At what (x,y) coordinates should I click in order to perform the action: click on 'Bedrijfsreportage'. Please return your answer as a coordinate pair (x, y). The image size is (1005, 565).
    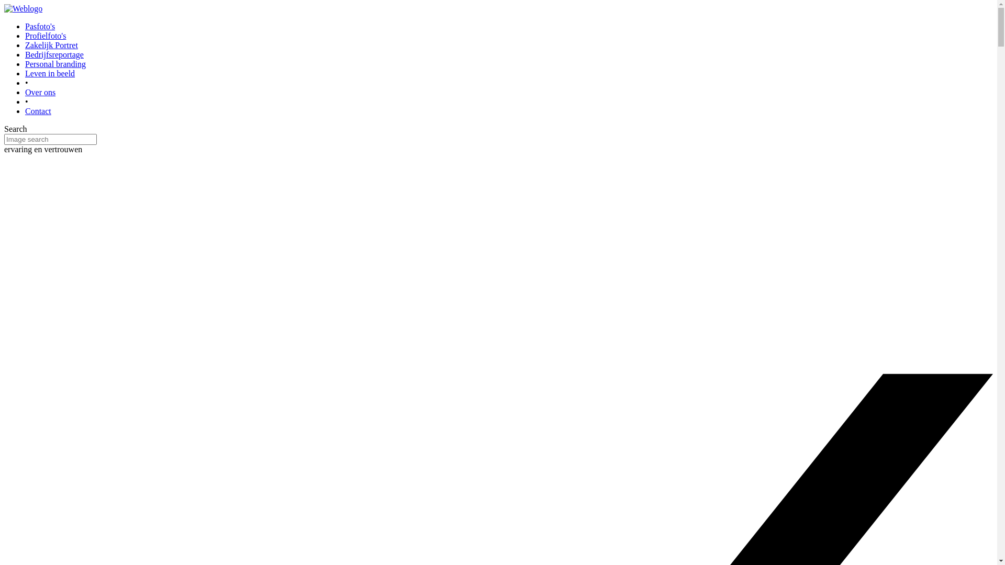
    Looking at the image, I should click on (54, 54).